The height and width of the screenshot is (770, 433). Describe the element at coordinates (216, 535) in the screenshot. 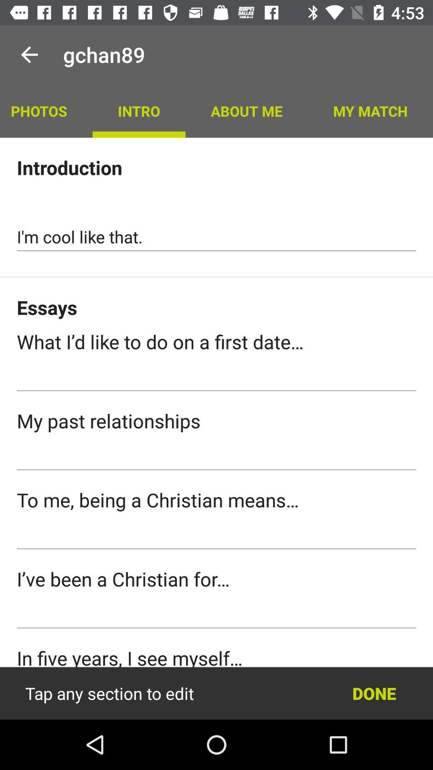

I see `tell what is christmas` at that location.